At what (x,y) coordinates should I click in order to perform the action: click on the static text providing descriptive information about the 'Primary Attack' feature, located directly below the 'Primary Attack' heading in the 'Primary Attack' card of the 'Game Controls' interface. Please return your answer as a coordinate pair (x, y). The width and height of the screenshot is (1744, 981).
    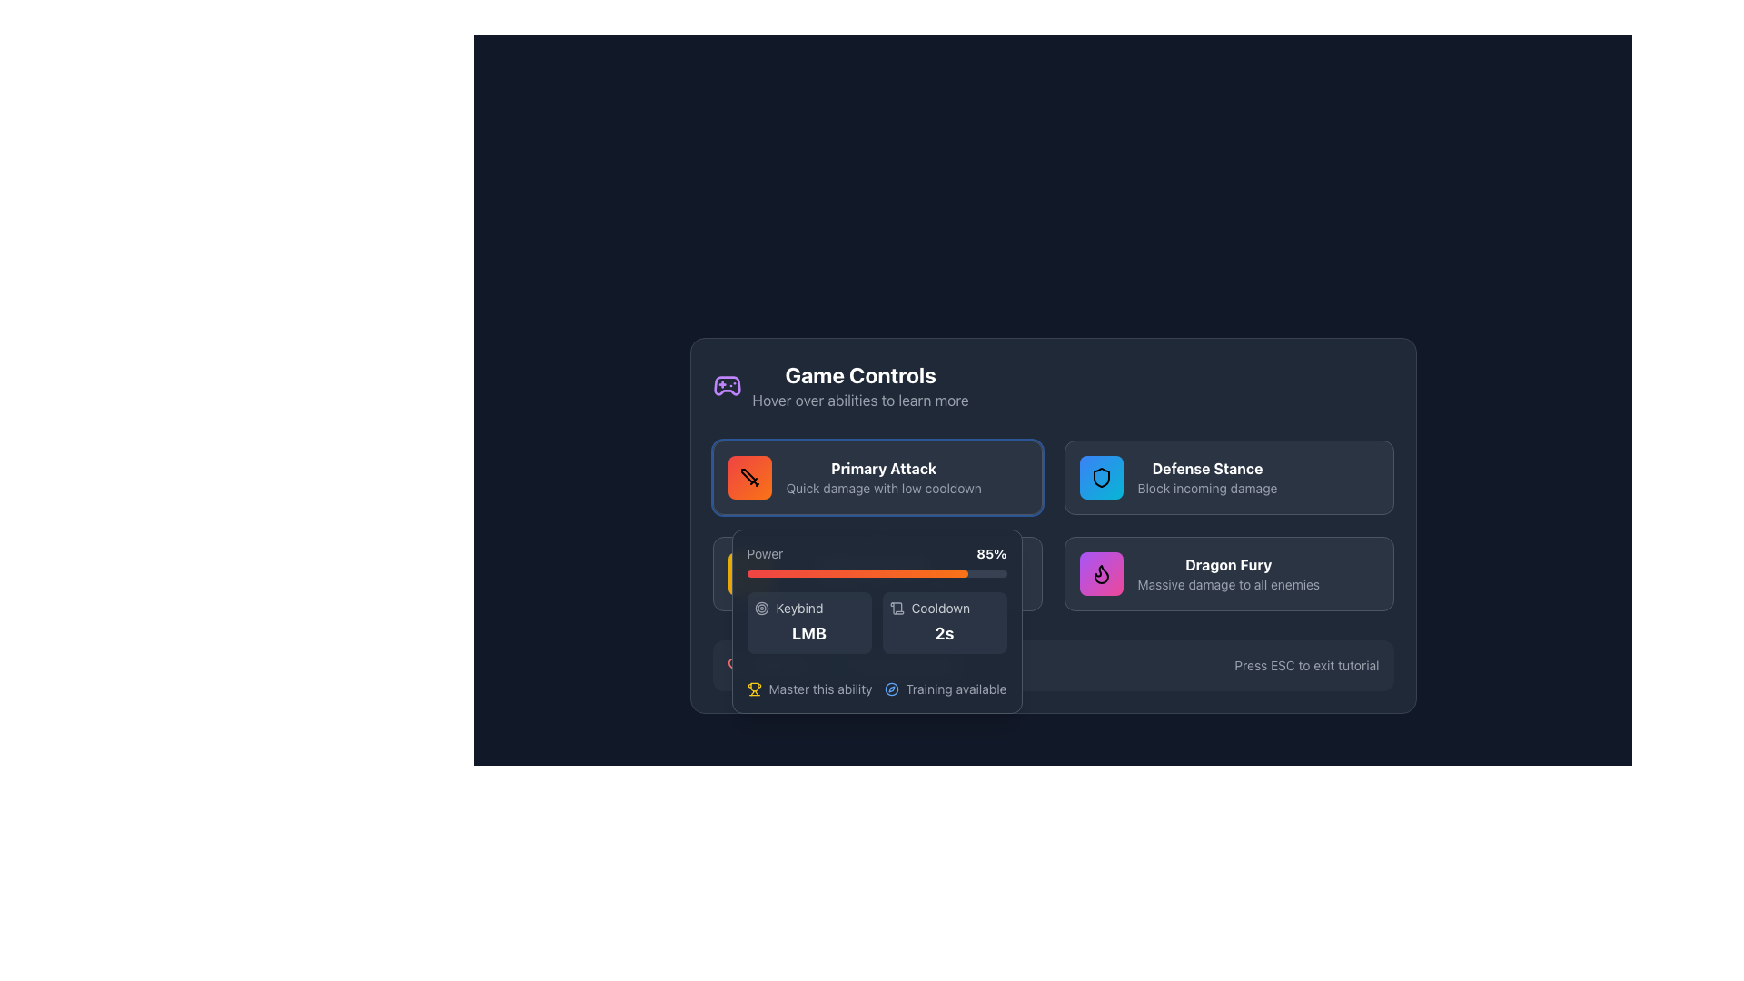
    Looking at the image, I should click on (884, 487).